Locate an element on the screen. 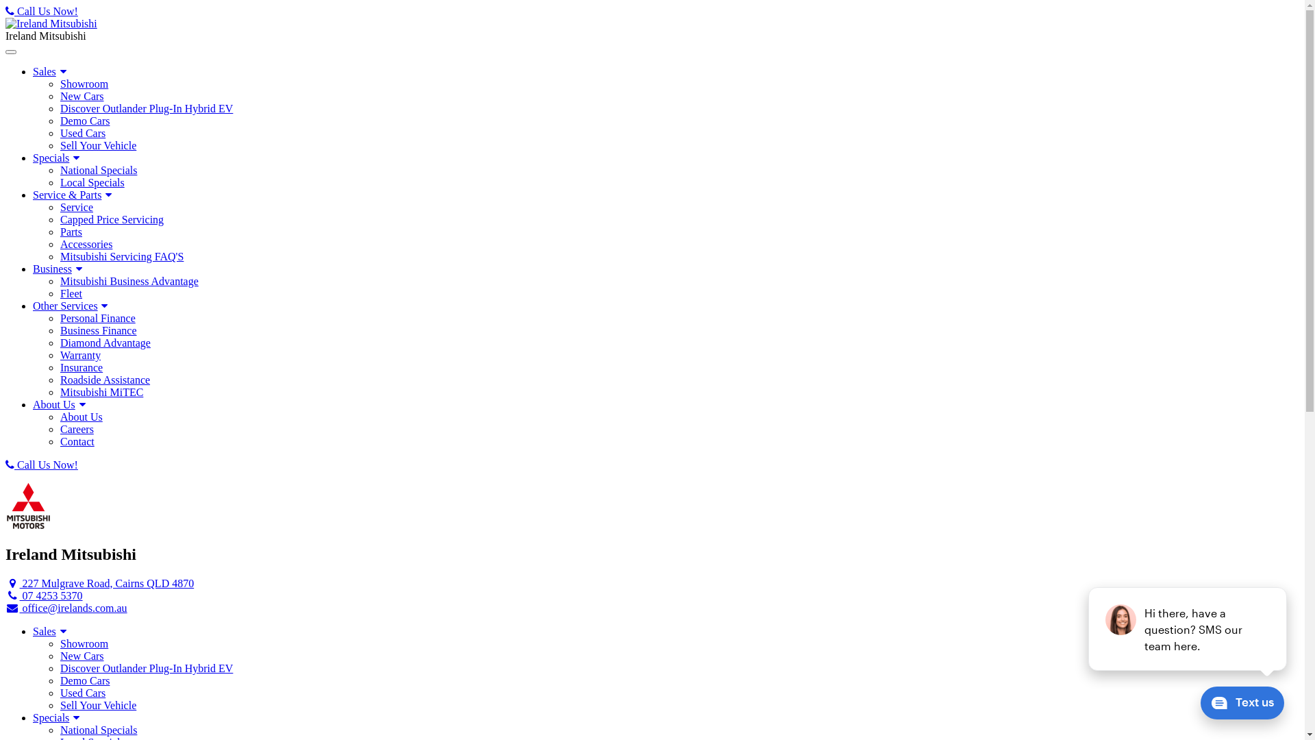 Image resolution: width=1315 pixels, height=740 pixels. 'Sales' is located at coordinates (51, 71).